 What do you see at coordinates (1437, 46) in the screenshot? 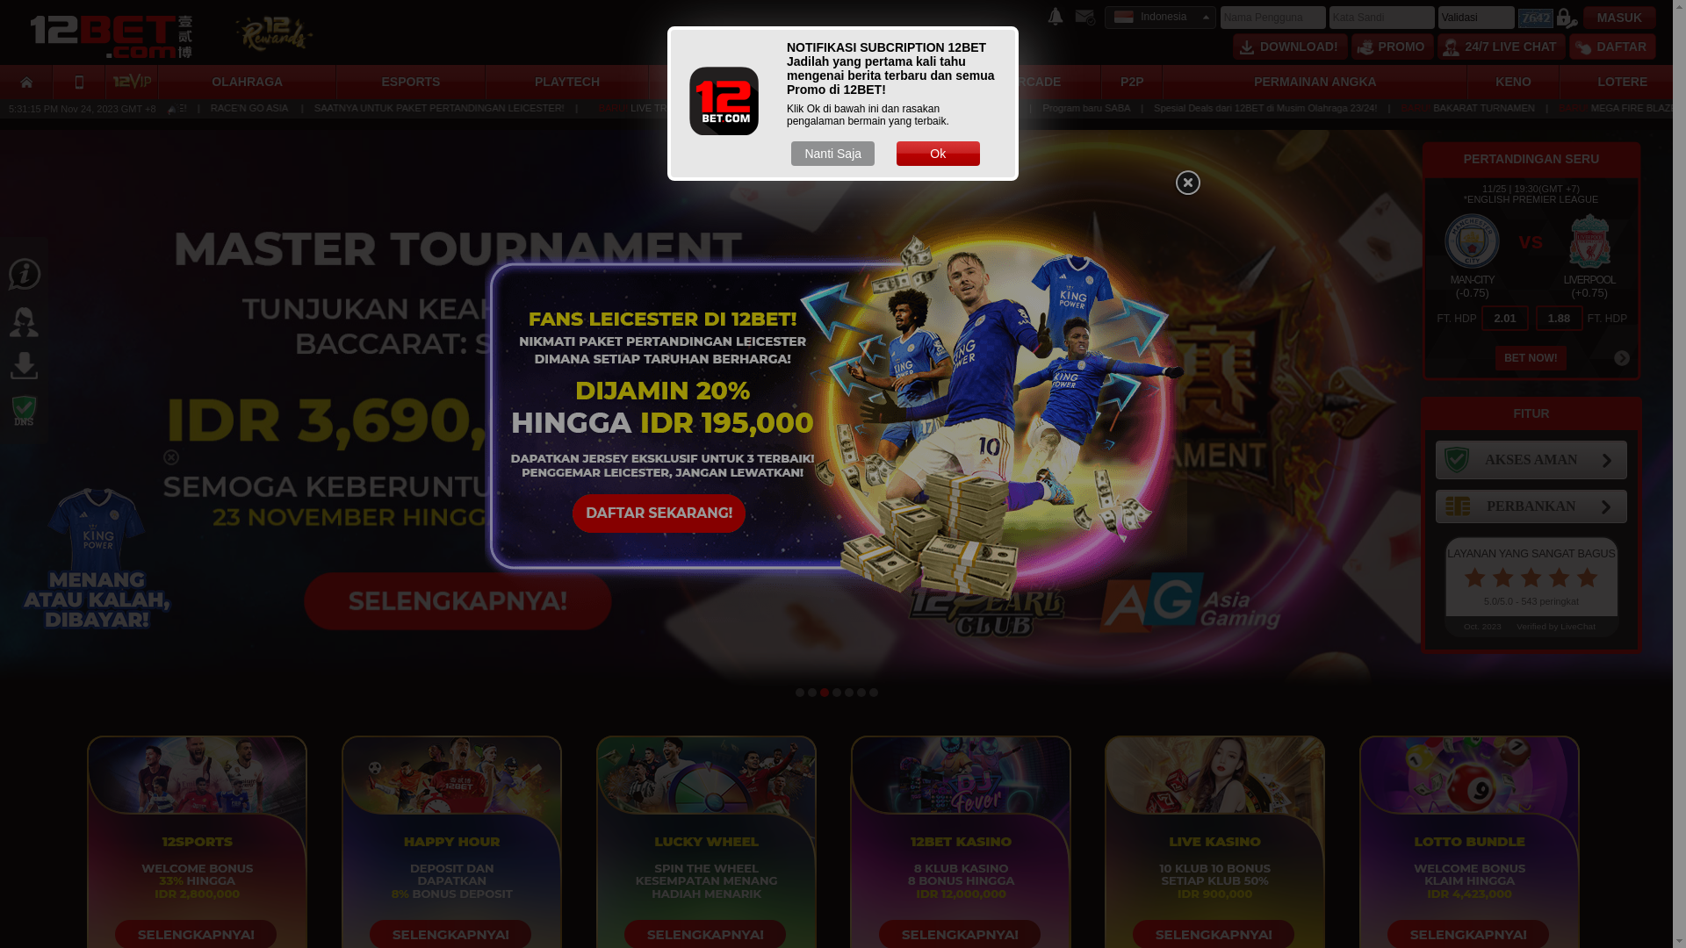
I see `'24/7 LIVE CHAT'` at bounding box center [1437, 46].